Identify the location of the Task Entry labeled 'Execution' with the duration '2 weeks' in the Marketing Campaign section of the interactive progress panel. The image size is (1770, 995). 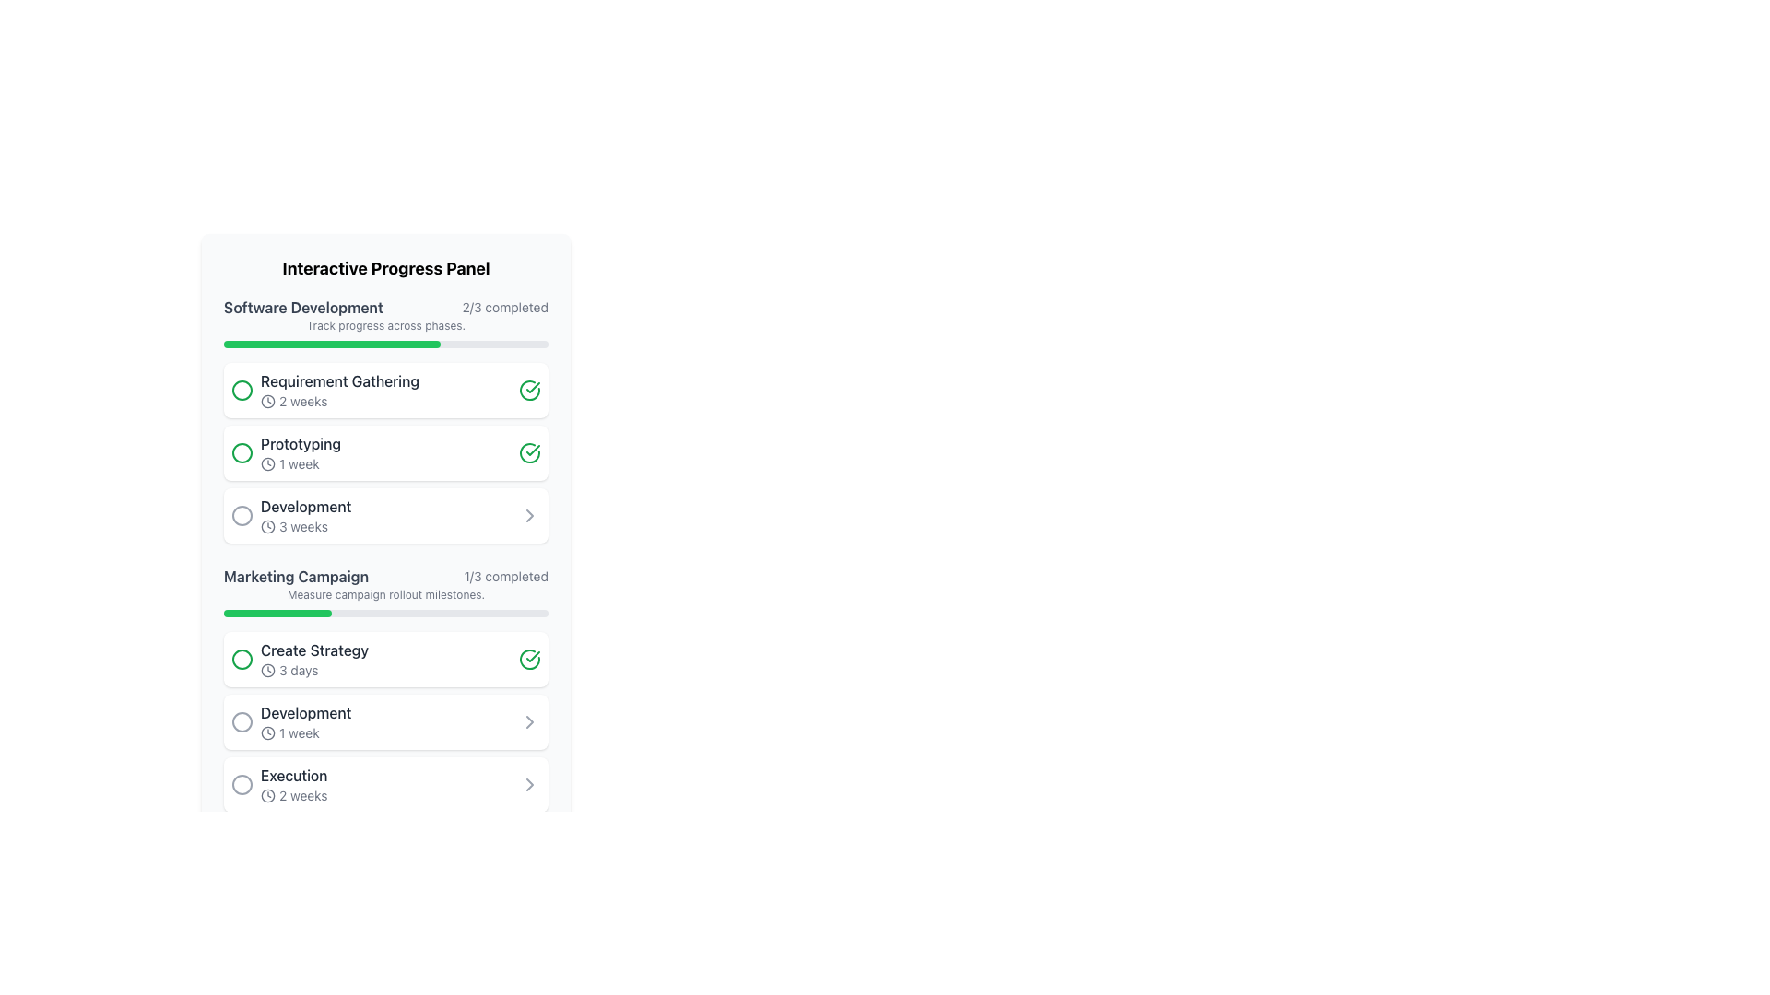
(277, 785).